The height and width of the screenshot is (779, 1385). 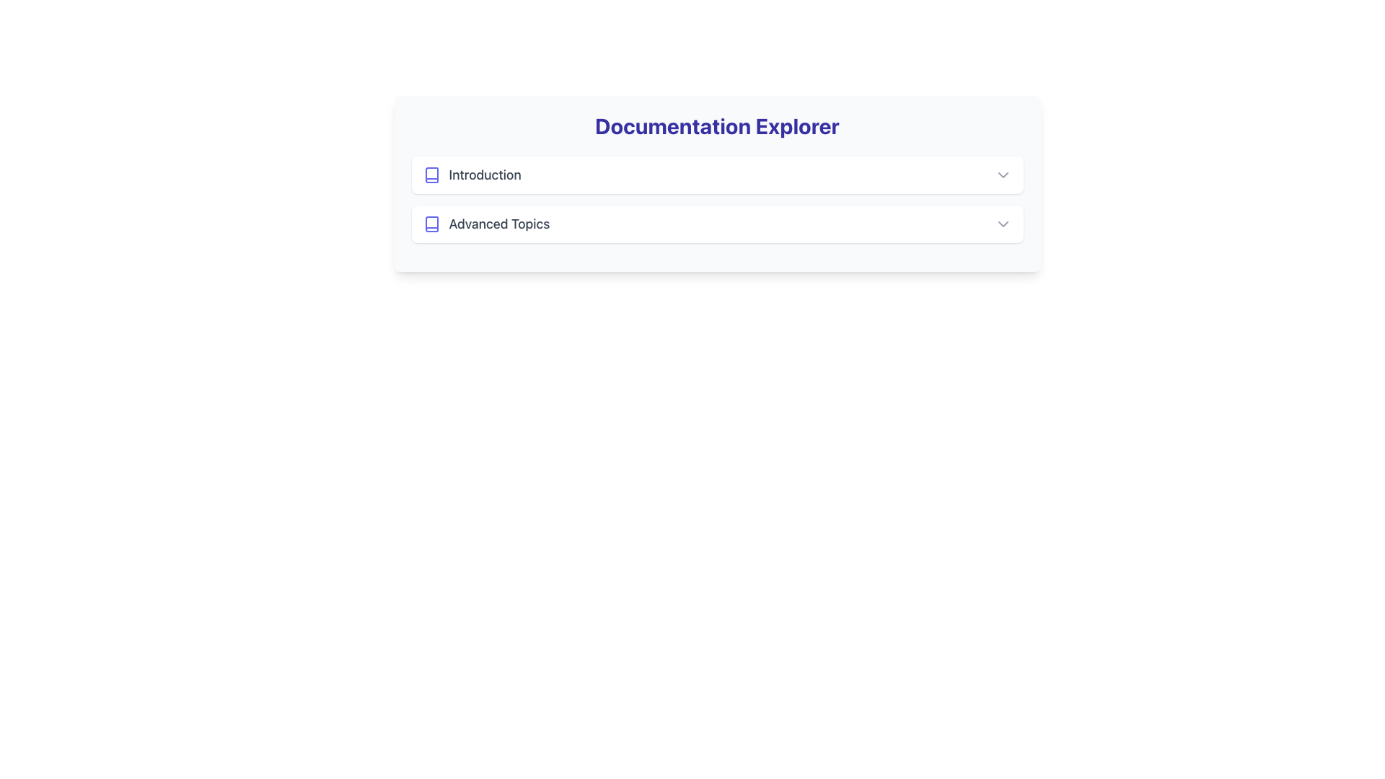 What do you see at coordinates (1002, 175) in the screenshot?
I see `the Dropdown control icon at the rightmost end of the 'Introduction' section` at bounding box center [1002, 175].